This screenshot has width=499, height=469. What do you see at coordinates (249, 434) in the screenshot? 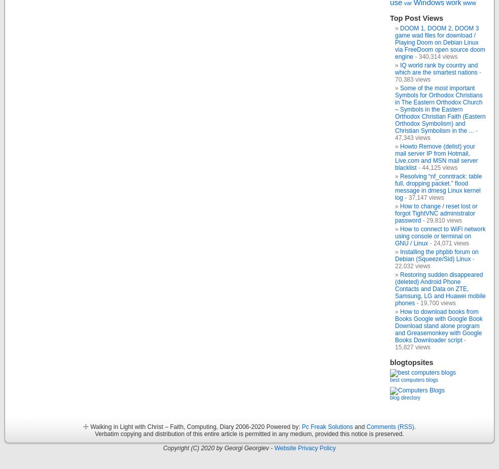
I see `'Verbatim copying and distribution of this entire article is permitted in any medium, provided this notice is preserved.'` at bounding box center [249, 434].